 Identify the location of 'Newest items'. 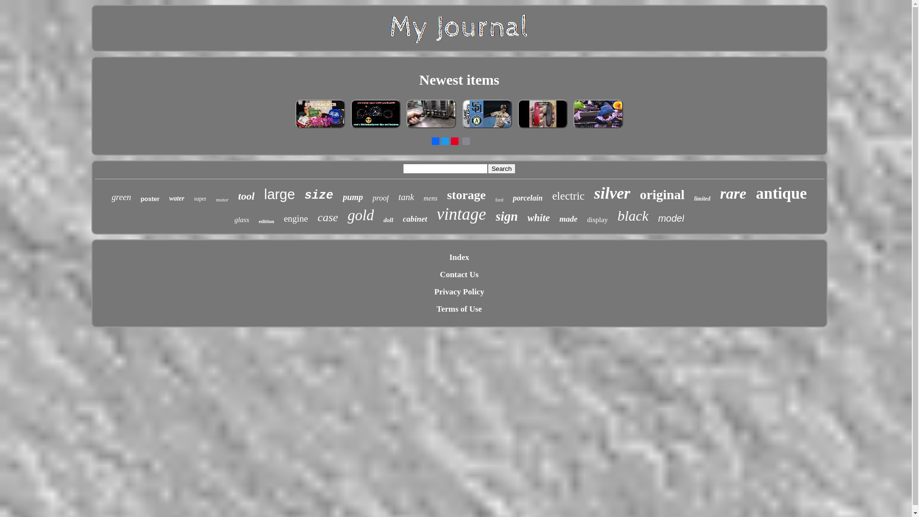
(459, 79).